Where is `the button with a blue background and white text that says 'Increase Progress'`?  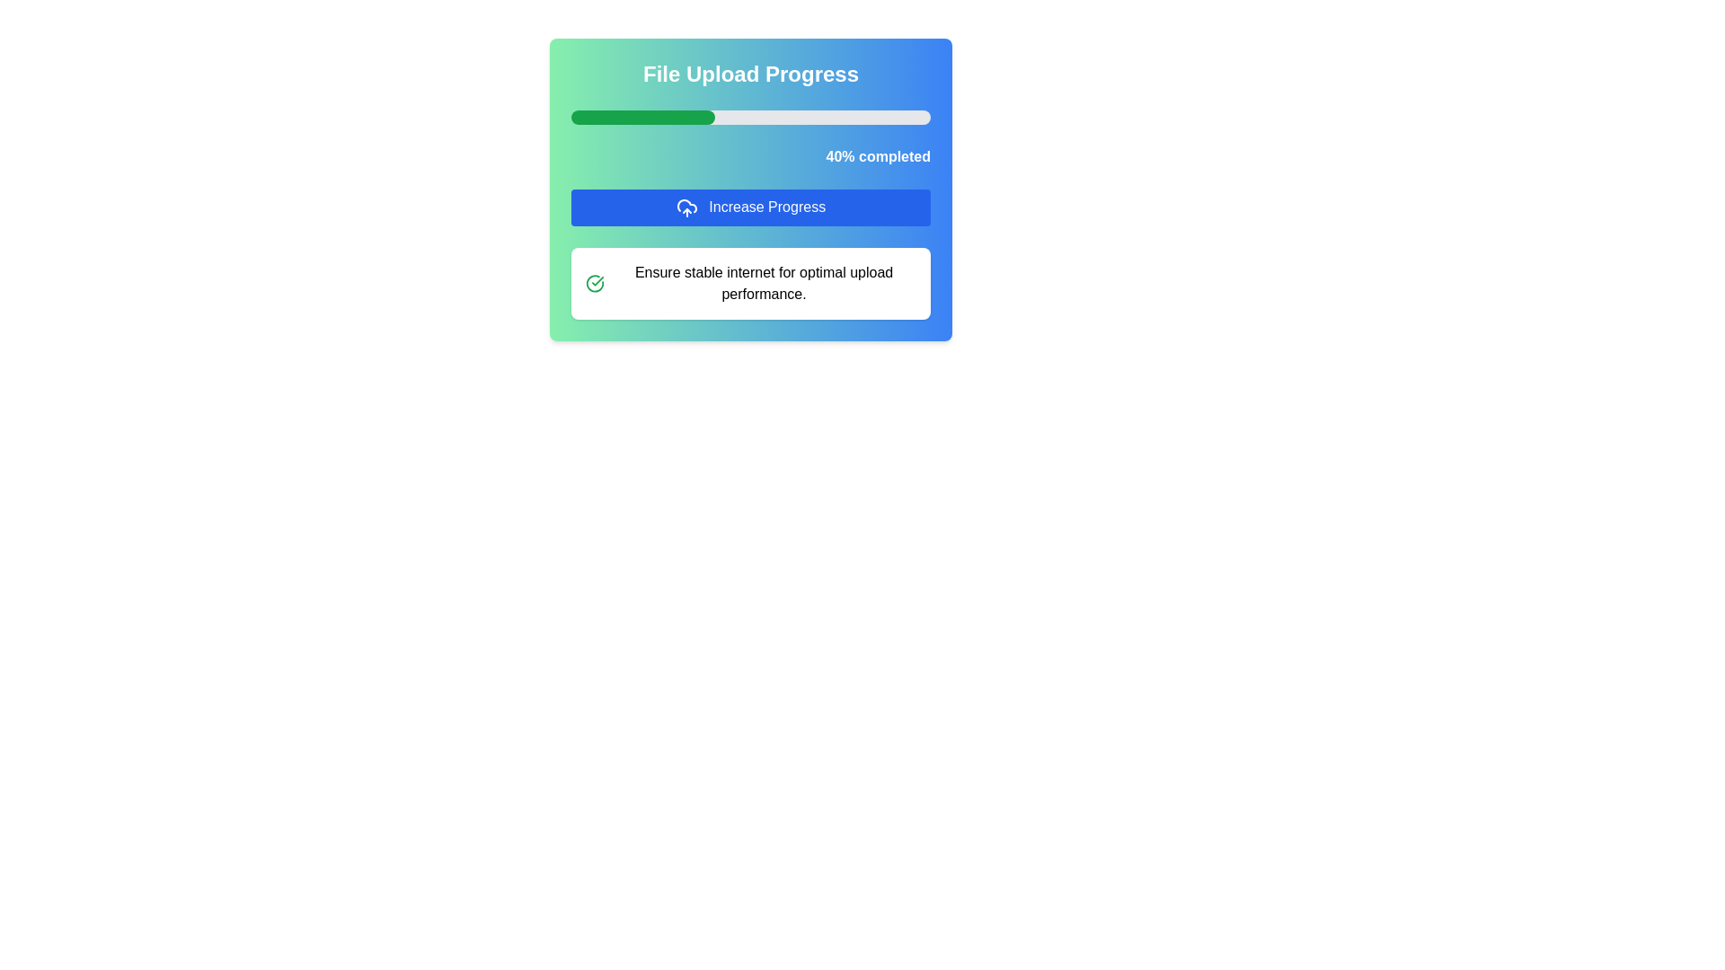
the button with a blue background and white text that says 'Increase Progress' is located at coordinates (750, 190).